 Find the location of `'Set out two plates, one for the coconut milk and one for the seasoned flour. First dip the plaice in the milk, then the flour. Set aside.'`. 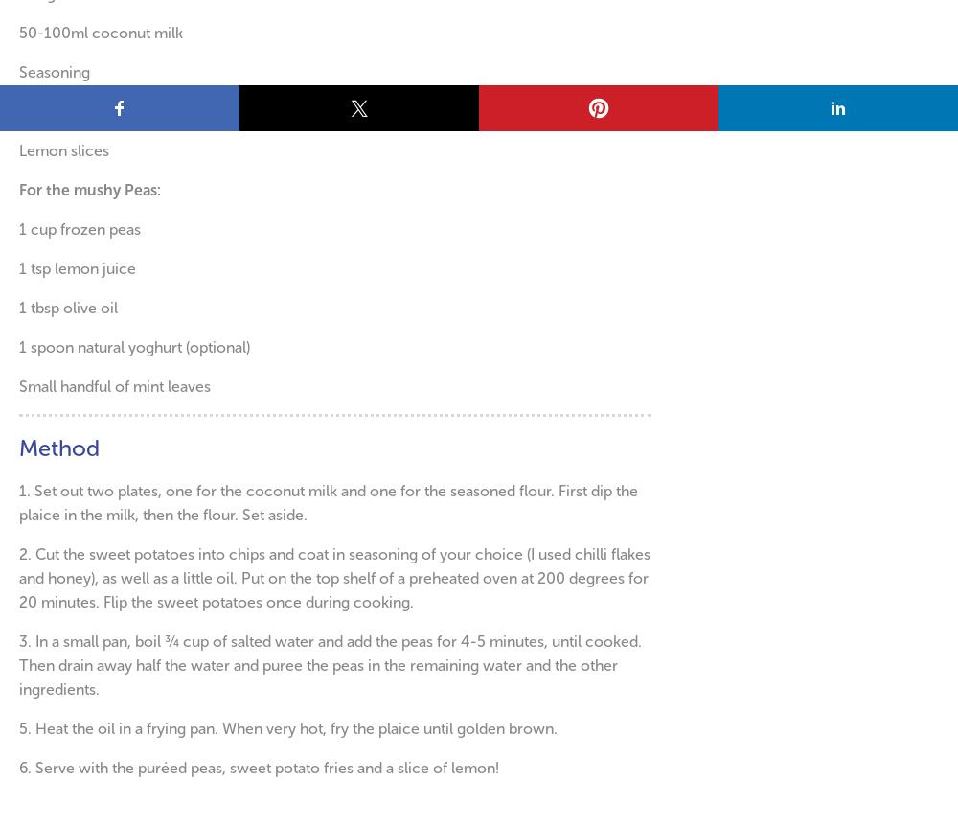

'Set out two plates, one for the coconut milk and one for the seasoned flour. First dip the plaice in the milk, then the flour. Set aside.' is located at coordinates (328, 502).